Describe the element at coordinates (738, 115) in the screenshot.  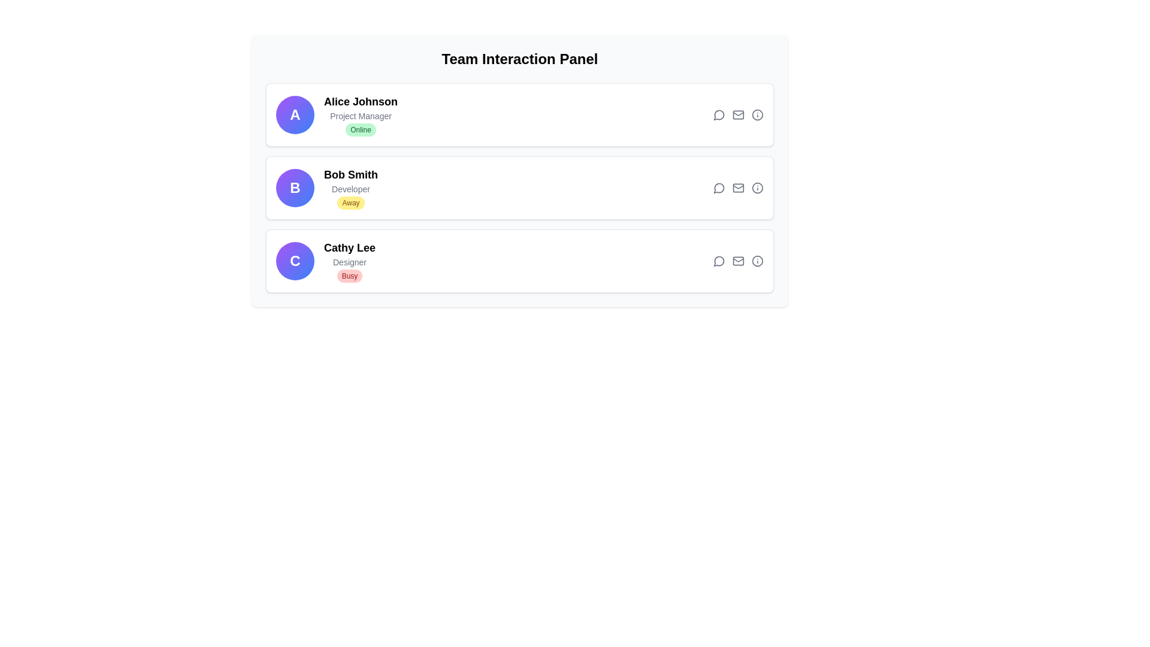
I see `the mail icon, which is part of the interactive button representing the body of an envelope, located to the right of the top user card for 'Alice Johnson' in the Team Interaction Panel` at that location.